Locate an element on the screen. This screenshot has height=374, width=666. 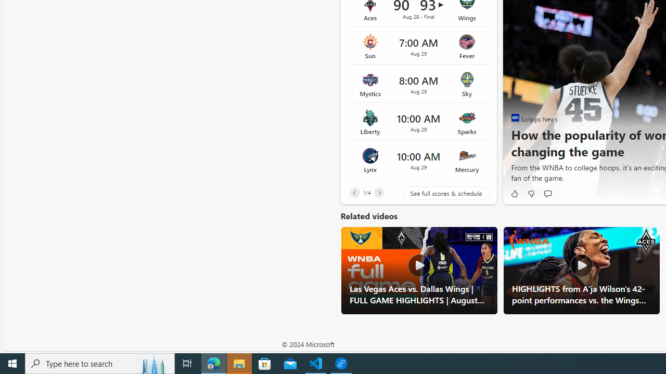
'Sun vs Fever Time 7:00 AM Date Aug 29' is located at coordinates (418, 45).